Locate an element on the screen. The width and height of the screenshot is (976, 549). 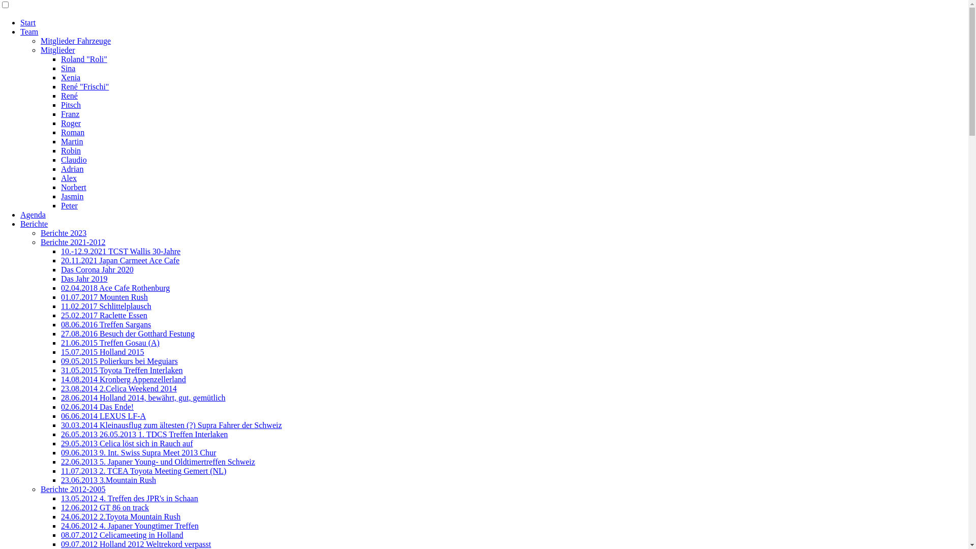
'Norbert' is located at coordinates (73, 187).